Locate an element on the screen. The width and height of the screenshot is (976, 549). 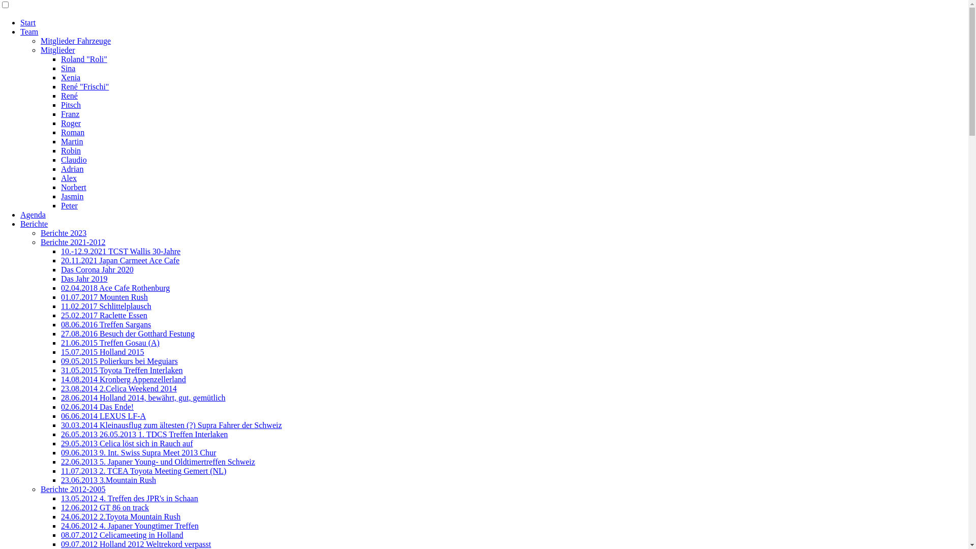
'Norbert' is located at coordinates (73, 187).